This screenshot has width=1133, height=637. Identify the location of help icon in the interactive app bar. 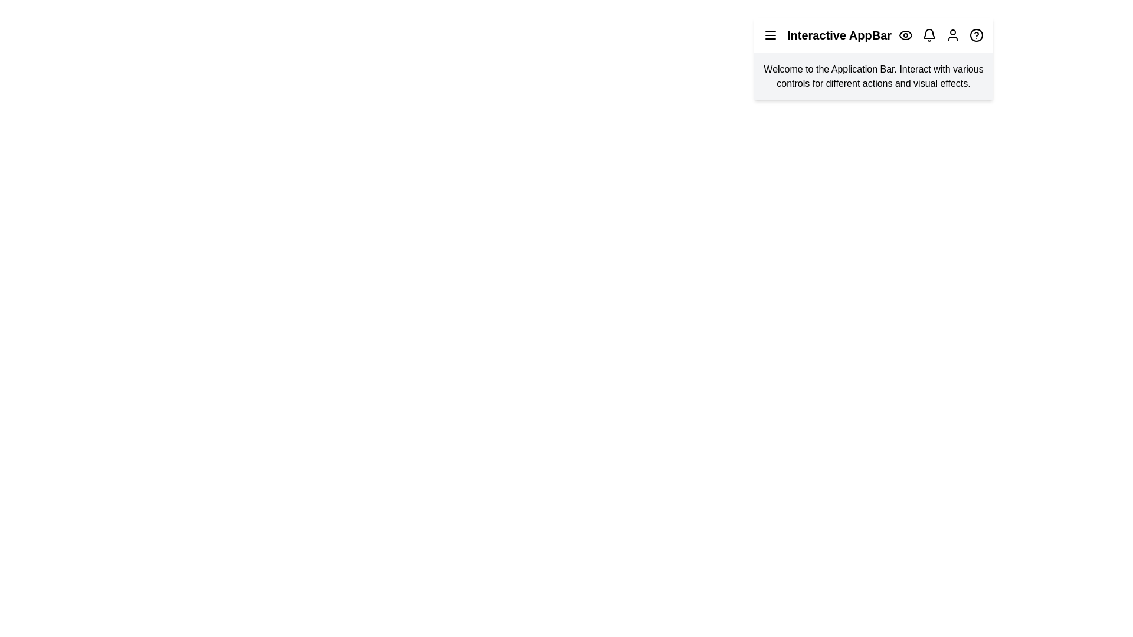
(977, 35).